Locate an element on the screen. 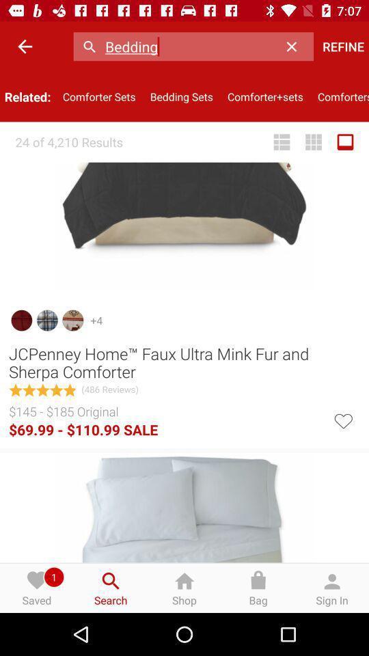 The width and height of the screenshot is (369, 656). item to the right of the comforter sets icon is located at coordinates (181, 96).